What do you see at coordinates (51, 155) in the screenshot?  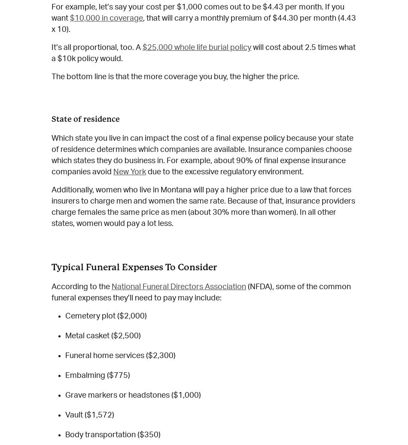 I see `'Which state you live in can impact the cost of a final expense policy because your state of residence determines which companies are available. Insurance companies choose which states they do business in. For example, about 90% of final expense insurance companies avoid'` at bounding box center [51, 155].